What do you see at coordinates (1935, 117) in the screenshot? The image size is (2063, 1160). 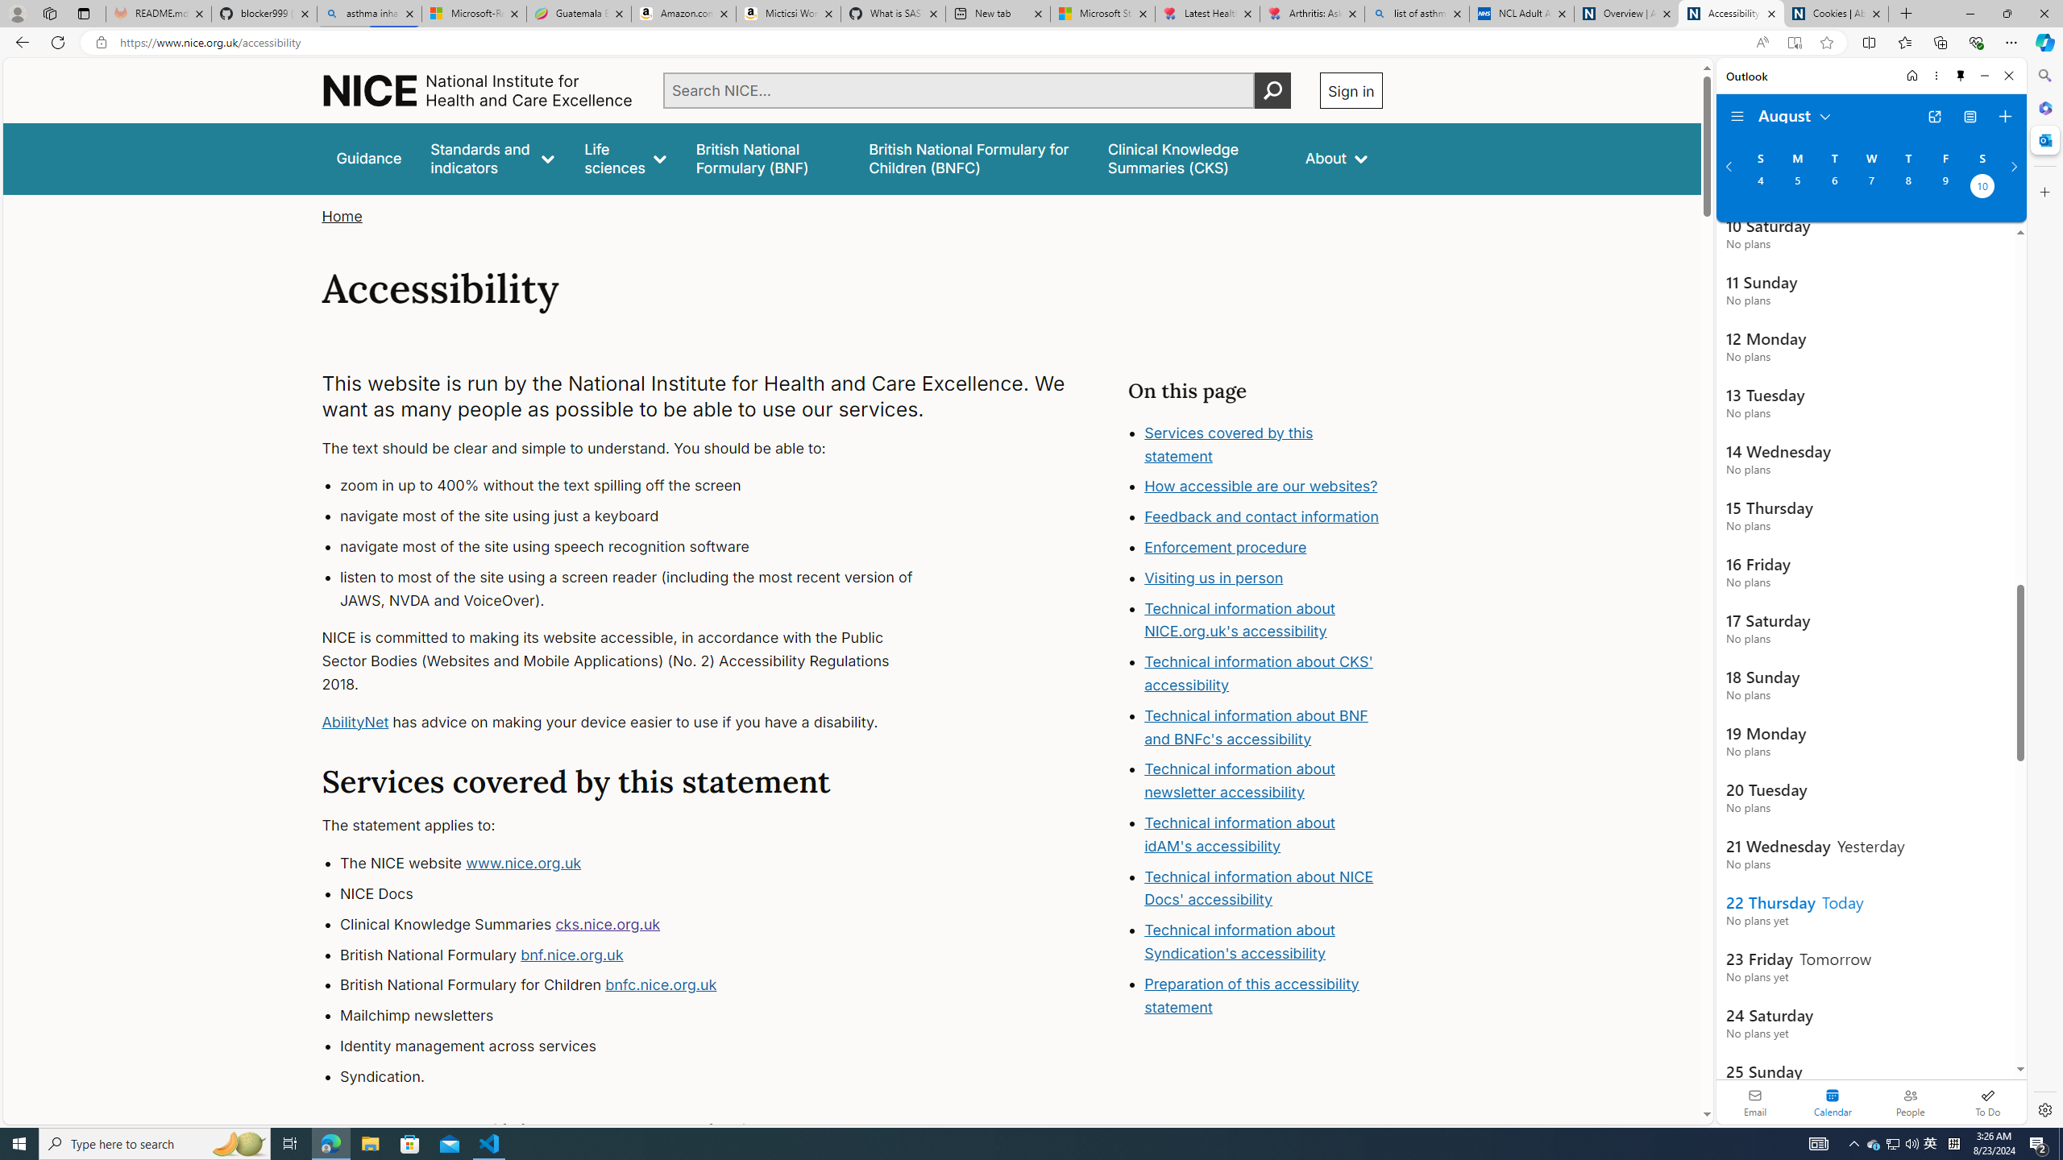 I see `'Open in new tab'` at bounding box center [1935, 117].